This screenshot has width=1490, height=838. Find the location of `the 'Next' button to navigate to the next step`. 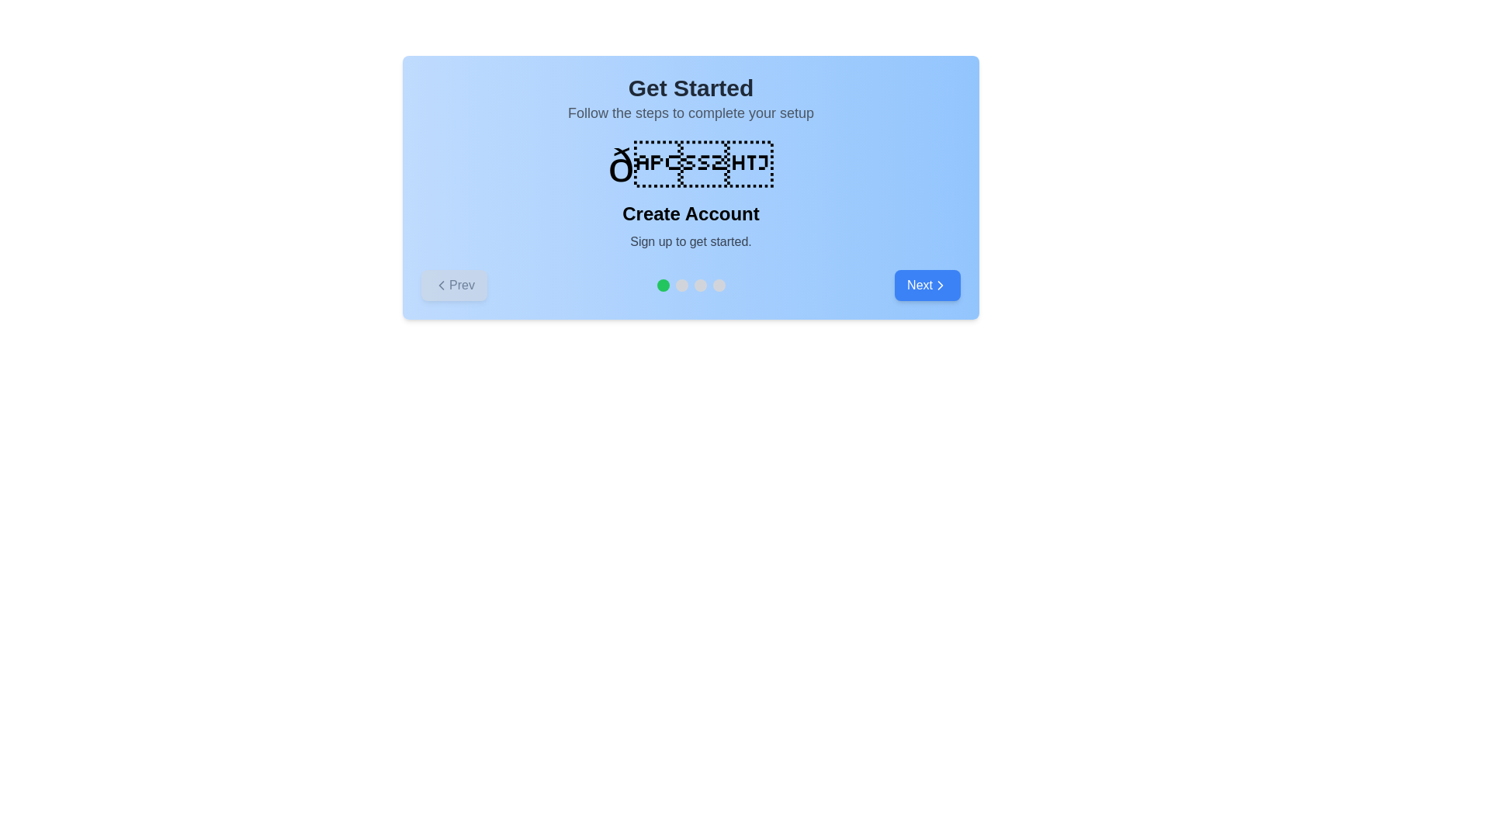

the 'Next' button to navigate to the next step is located at coordinates (927, 285).